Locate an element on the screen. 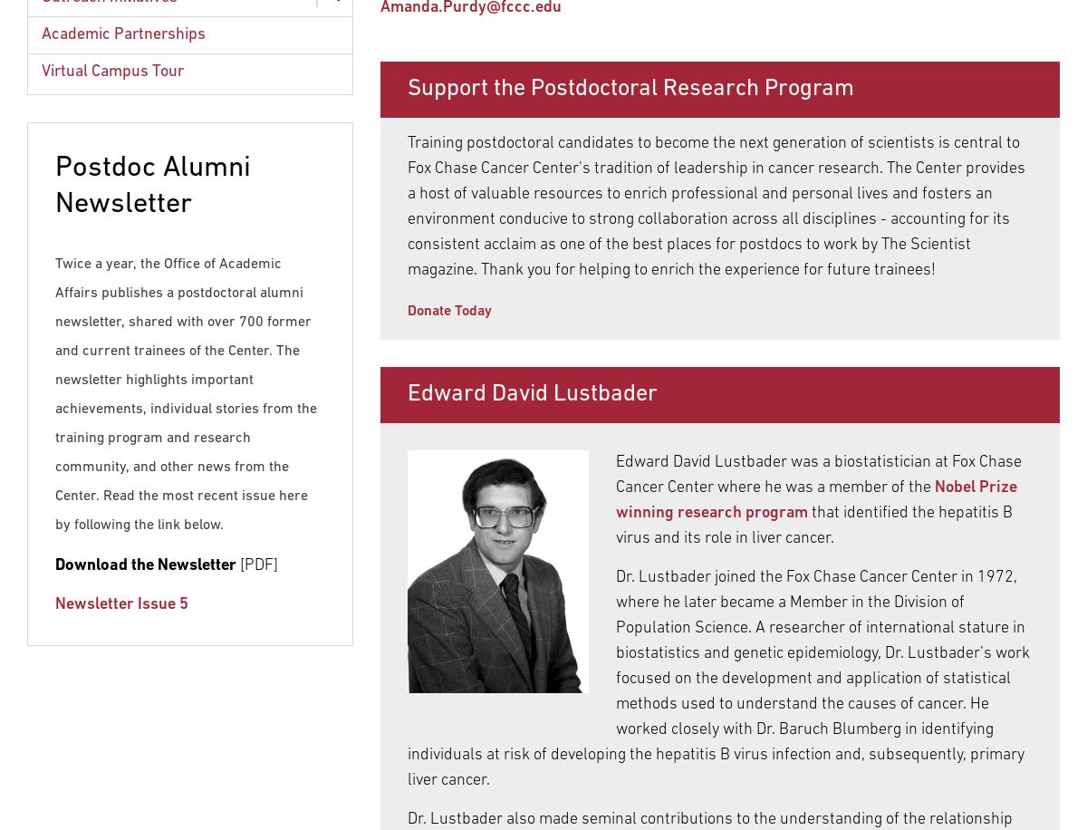 This screenshot has width=1087, height=830. 'Virtual Campus Tour' is located at coordinates (112, 70).